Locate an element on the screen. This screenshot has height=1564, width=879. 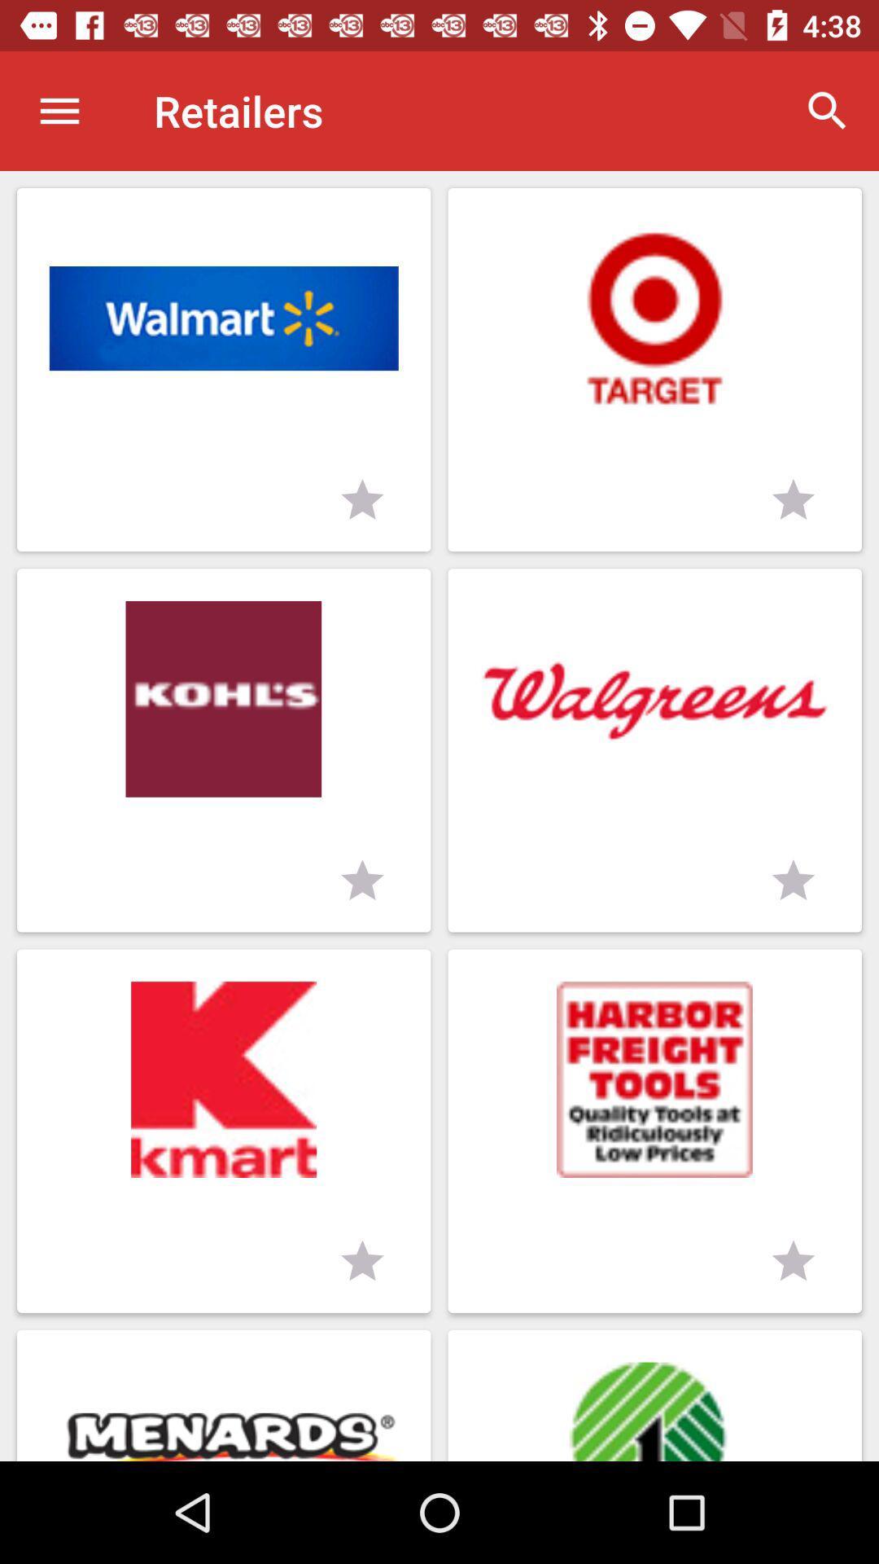
walgreens is located at coordinates (654, 699).